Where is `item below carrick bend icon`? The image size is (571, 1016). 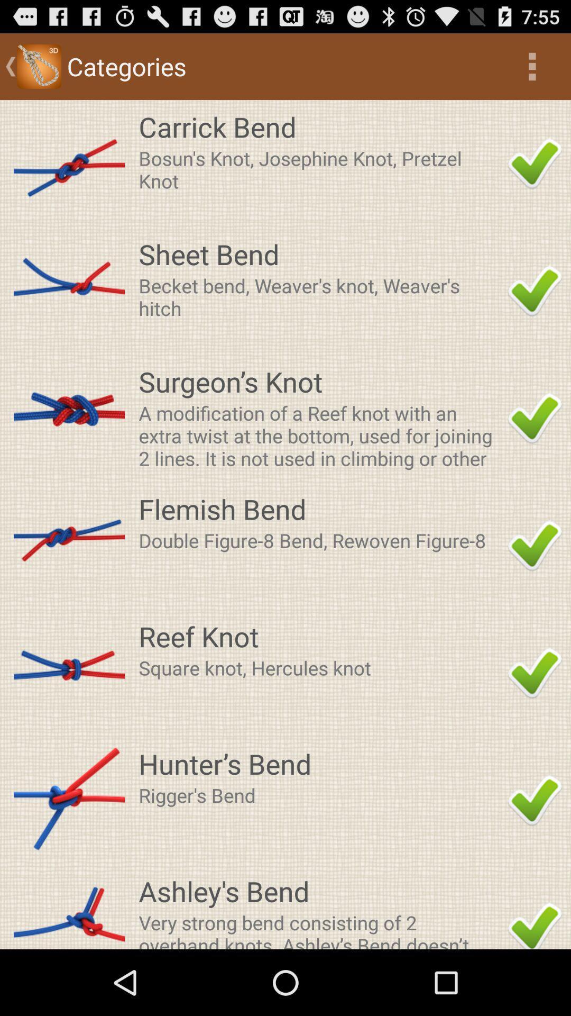 item below carrick bend icon is located at coordinates (319, 169).